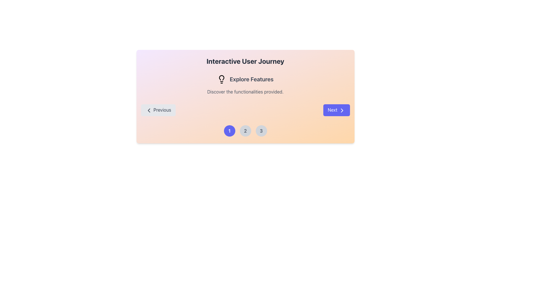 This screenshot has height=306, width=545. I want to click on the static text element displaying 'Explore Features' with a lightbulb icon, which is positioned near the top-center of the interface, so click(245, 79).